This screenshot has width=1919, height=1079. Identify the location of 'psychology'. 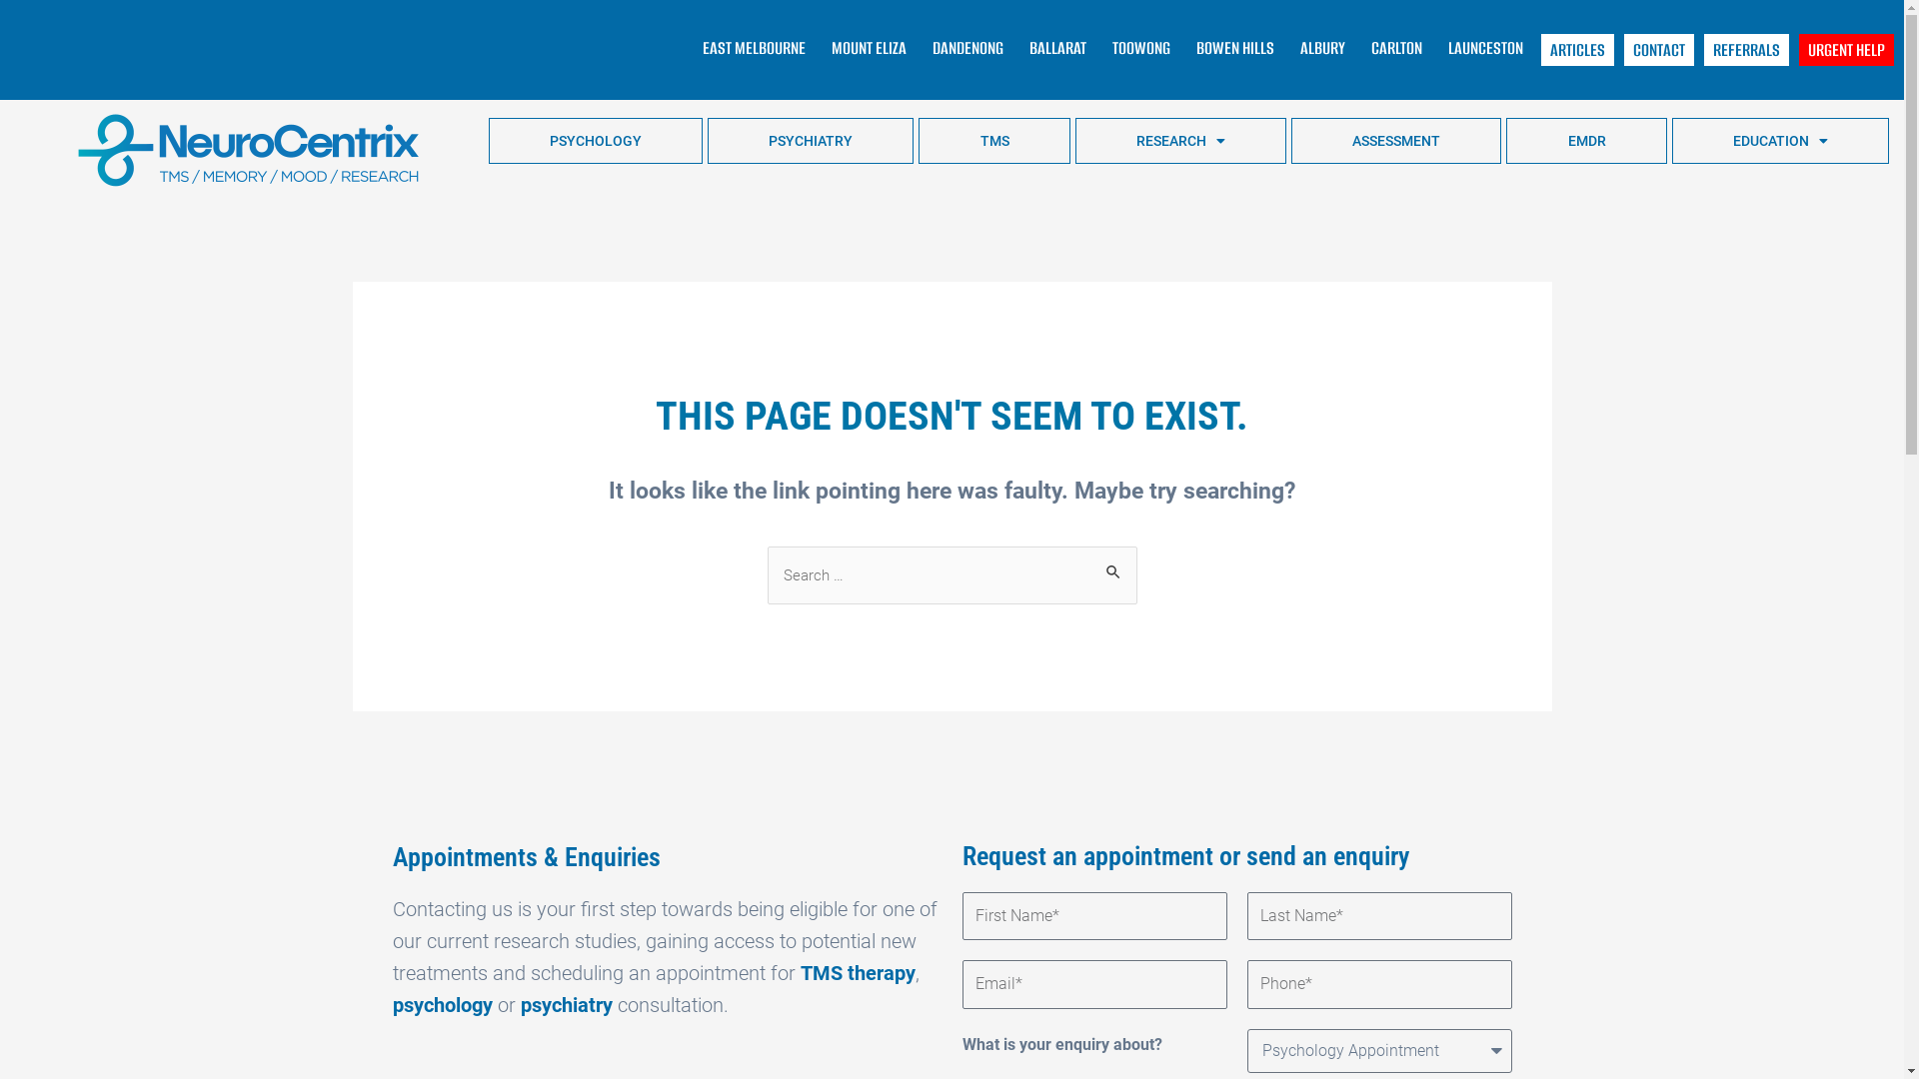
(440, 1005).